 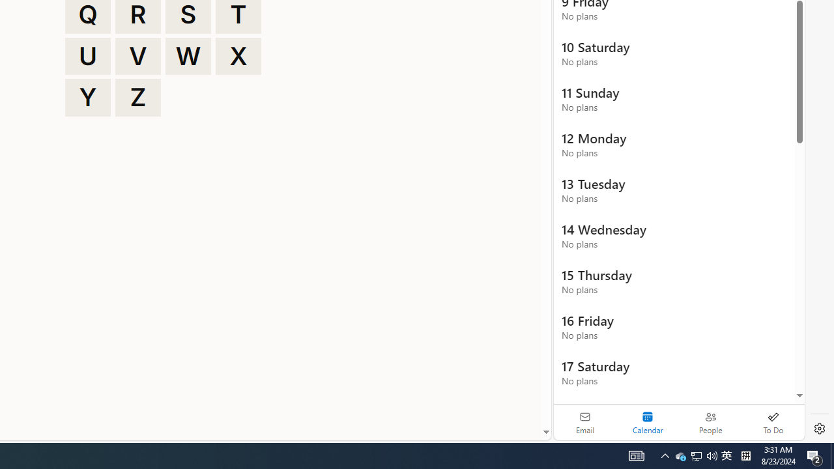 What do you see at coordinates (648, 422) in the screenshot?
I see `'Selected calendar module. Date today is 22'` at bounding box center [648, 422].